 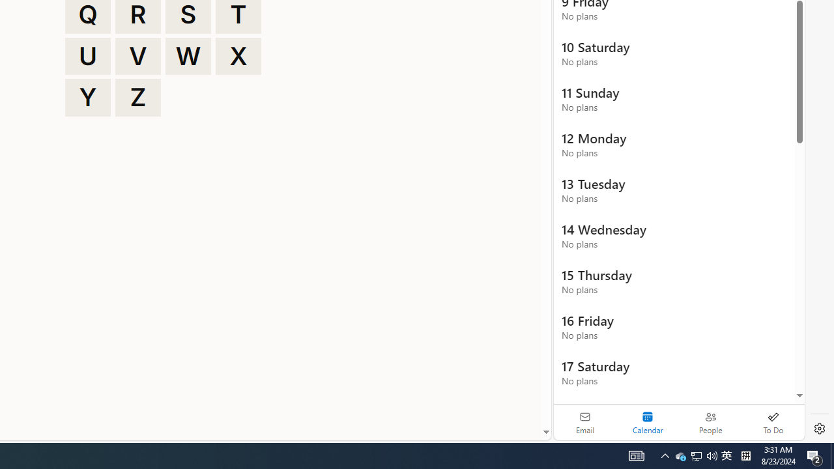 What do you see at coordinates (648, 422) in the screenshot?
I see `'Selected calendar module. Date today is 22'` at bounding box center [648, 422].